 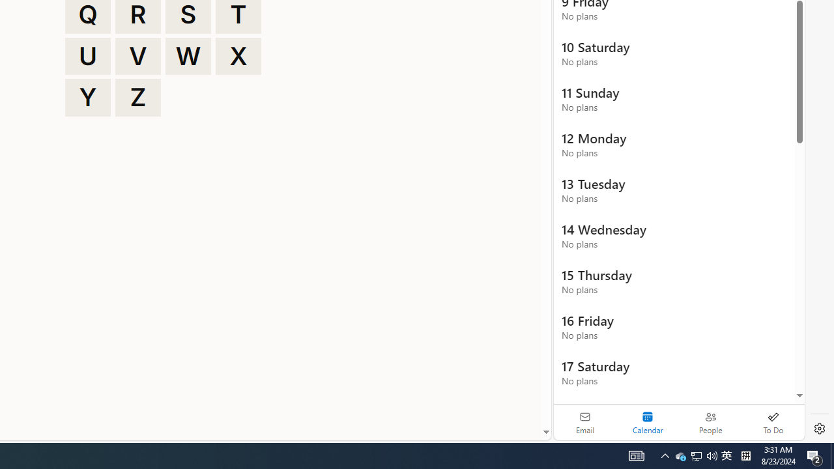 What do you see at coordinates (648, 422) in the screenshot?
I see `'Selected calendar module. Date today is 22'` at bounding box center [648, 422].